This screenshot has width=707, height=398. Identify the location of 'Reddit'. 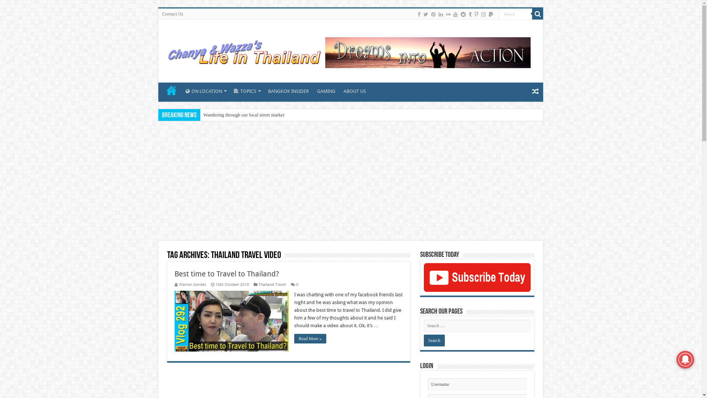
(462, 14).